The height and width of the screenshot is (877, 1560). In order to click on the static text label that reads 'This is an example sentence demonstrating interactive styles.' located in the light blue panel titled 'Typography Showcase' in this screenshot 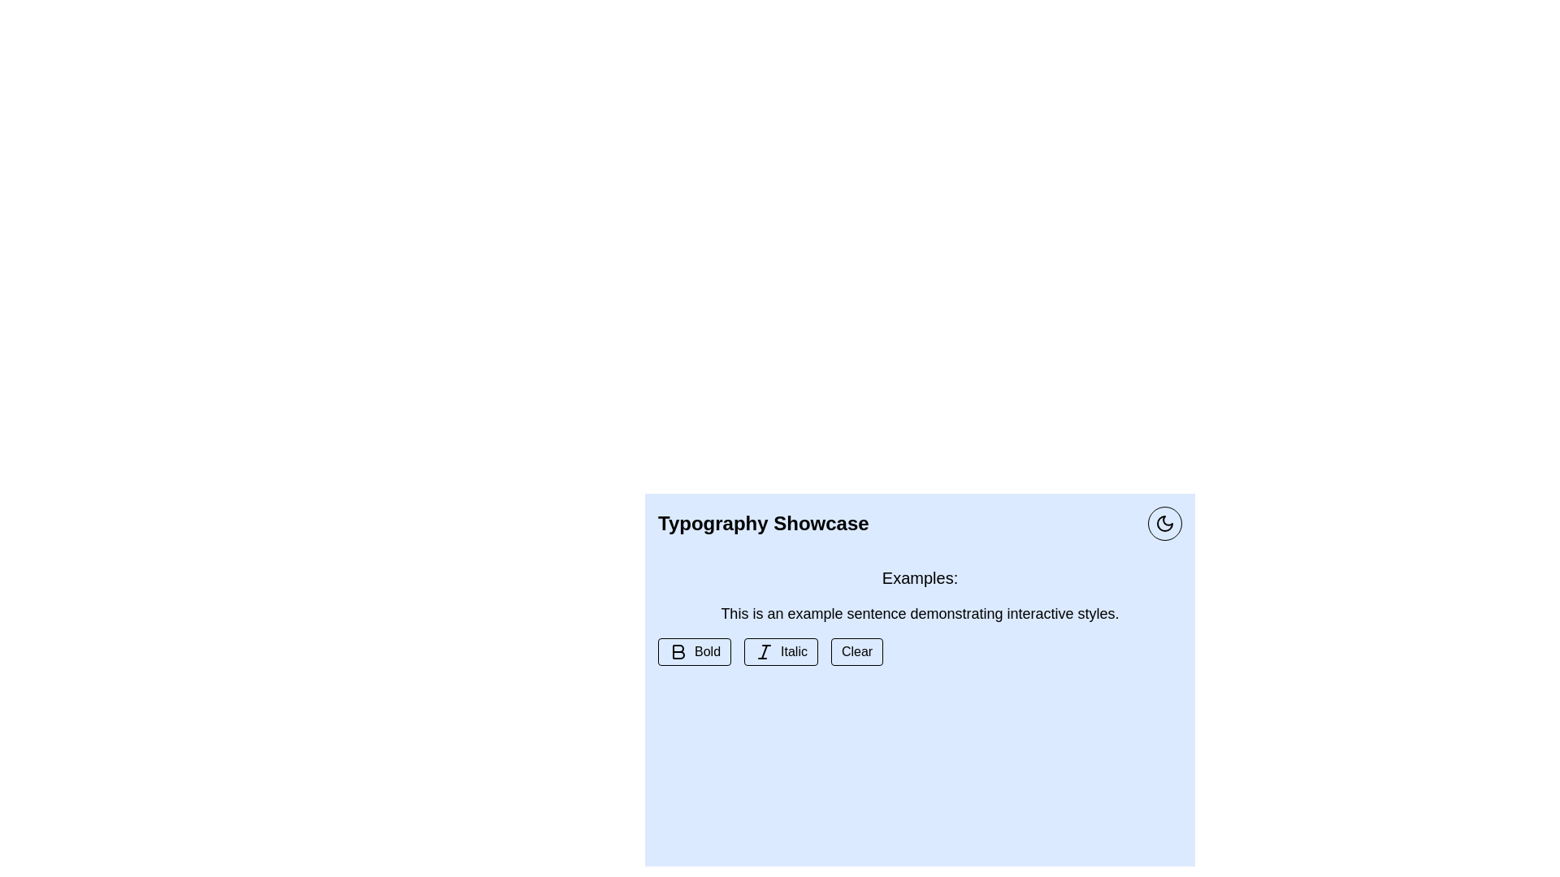, I will do `click(920, 614)`.